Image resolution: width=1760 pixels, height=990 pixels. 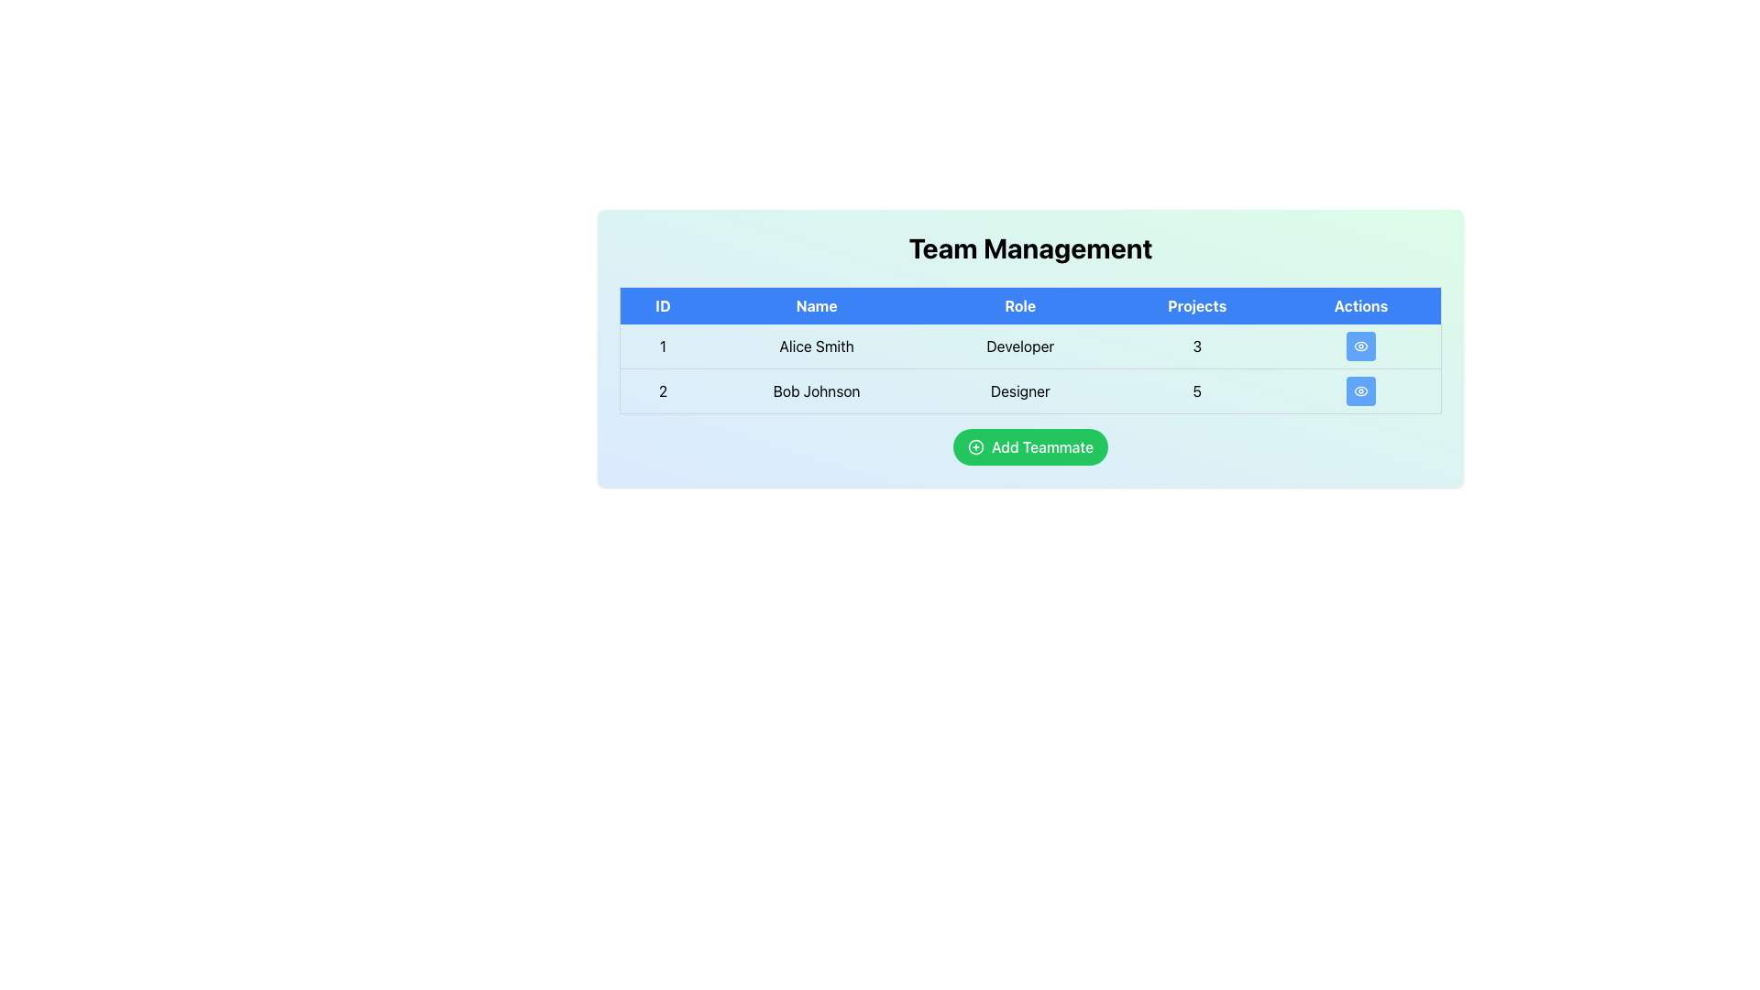 I want to click on the button in the 'Actions' column for the 'Bob Johnson' entry, so click(x=1360, y=390).